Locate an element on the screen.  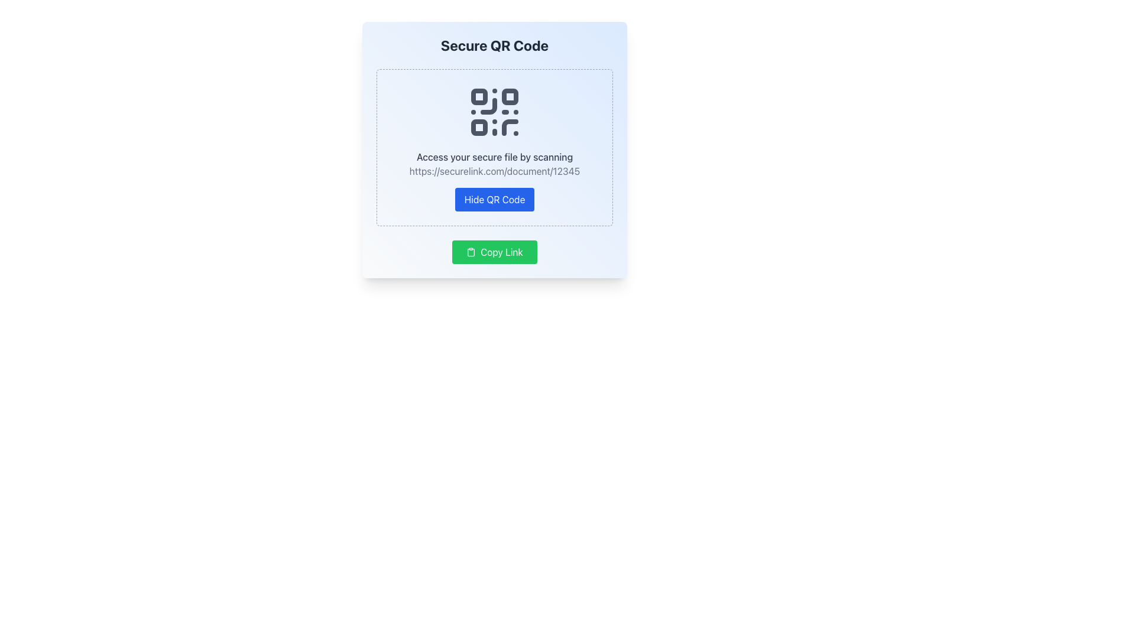
the SVG rectangle that is part of the QR code, located in the first column of squares and positioned lower within the QR code pattern is located at coordinates (479, 128).